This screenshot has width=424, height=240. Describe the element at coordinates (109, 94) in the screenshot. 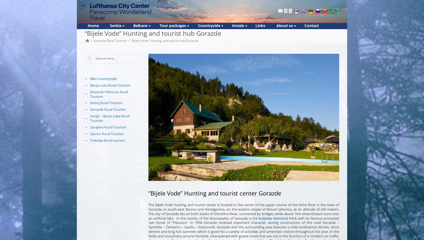

I see `'Bosanski Petrovac Rural Tourism'` at that location.